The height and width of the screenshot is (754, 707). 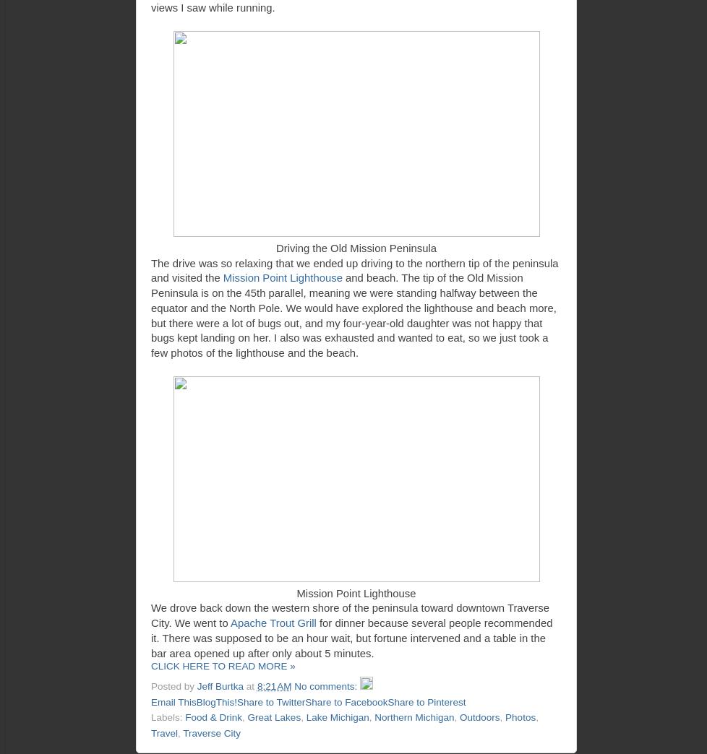 What do you see at coordinates (273, 717) in the screenshot?
I see `'Great Lakes'` at bounding box center [273, 717].